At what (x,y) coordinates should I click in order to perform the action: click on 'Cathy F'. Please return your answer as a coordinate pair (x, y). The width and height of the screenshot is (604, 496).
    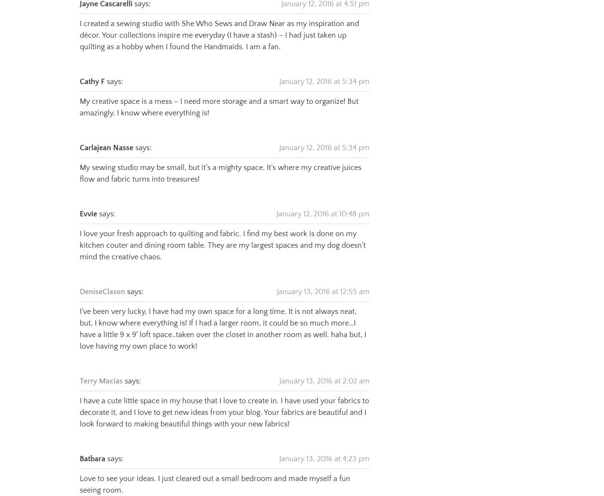
    Looking at the image, I should click on (92, 69).